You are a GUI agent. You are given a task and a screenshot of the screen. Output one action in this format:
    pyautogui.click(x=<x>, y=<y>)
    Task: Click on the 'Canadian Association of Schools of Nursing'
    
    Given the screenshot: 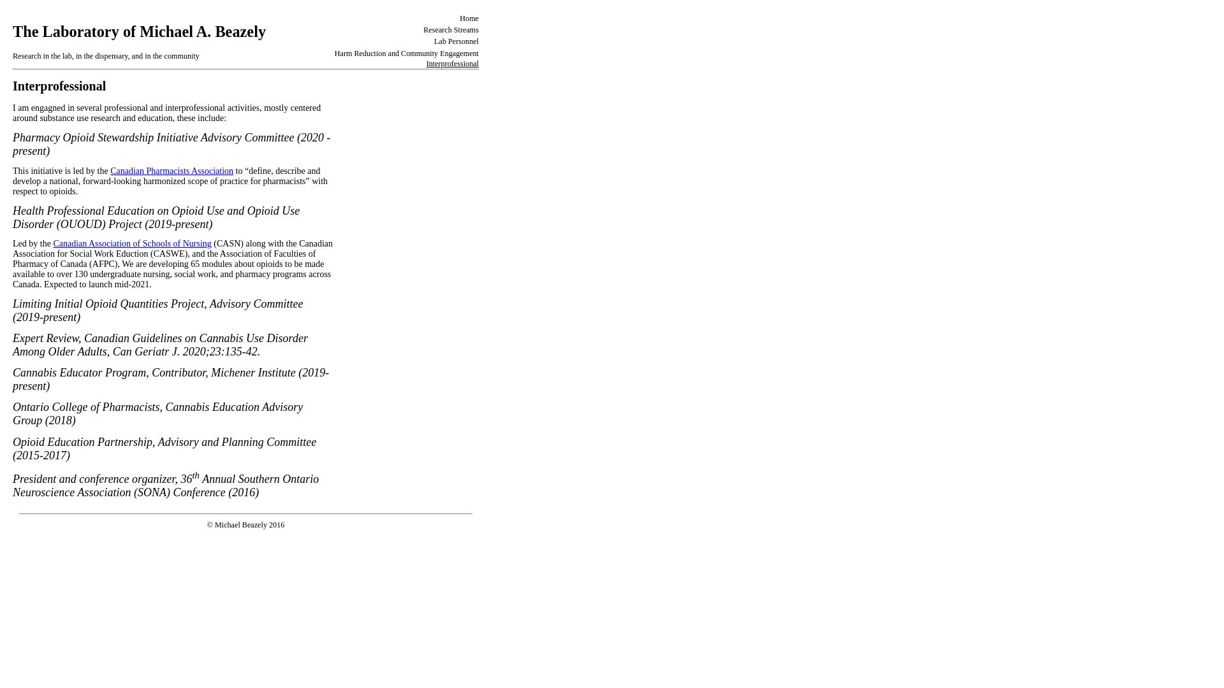 What is the action you would take?
    pyautogui.click(x=131, y=243)
    